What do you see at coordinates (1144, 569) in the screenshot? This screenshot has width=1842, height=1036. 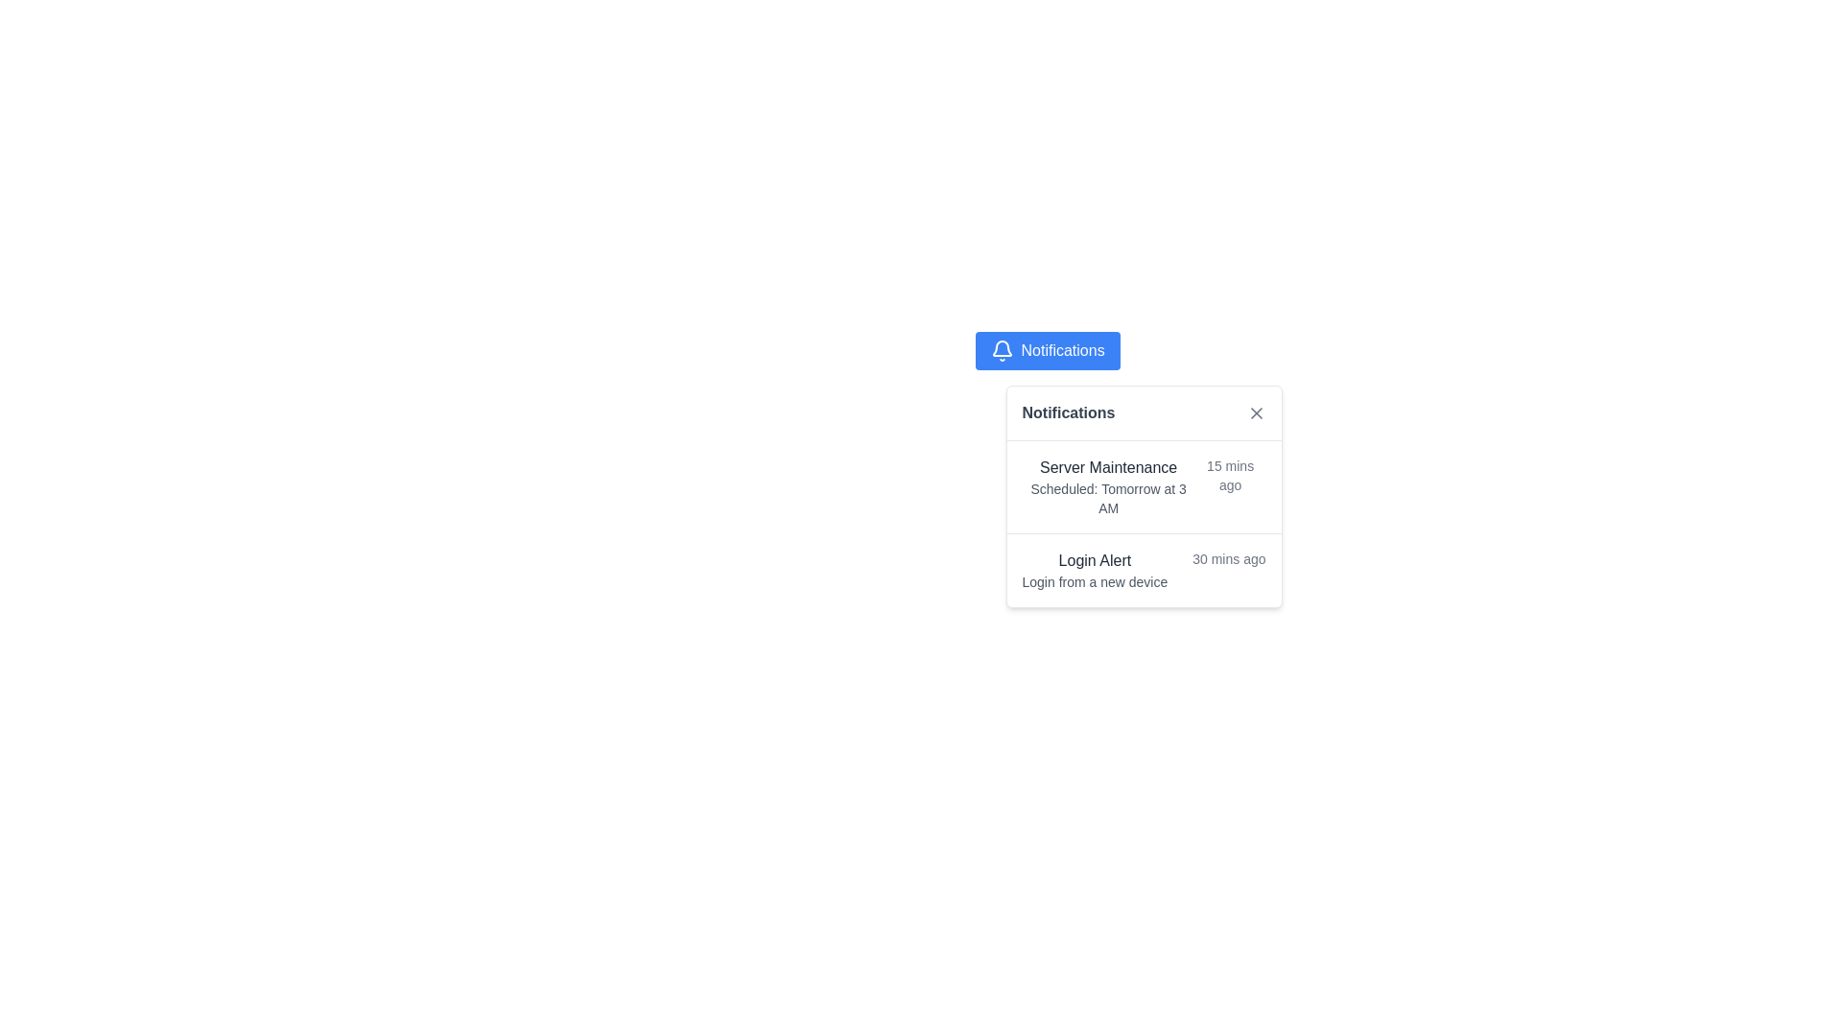 I see `the second Notification entry in the dropdown menu under 'Notifications'` at bounding box center [1144, 569].